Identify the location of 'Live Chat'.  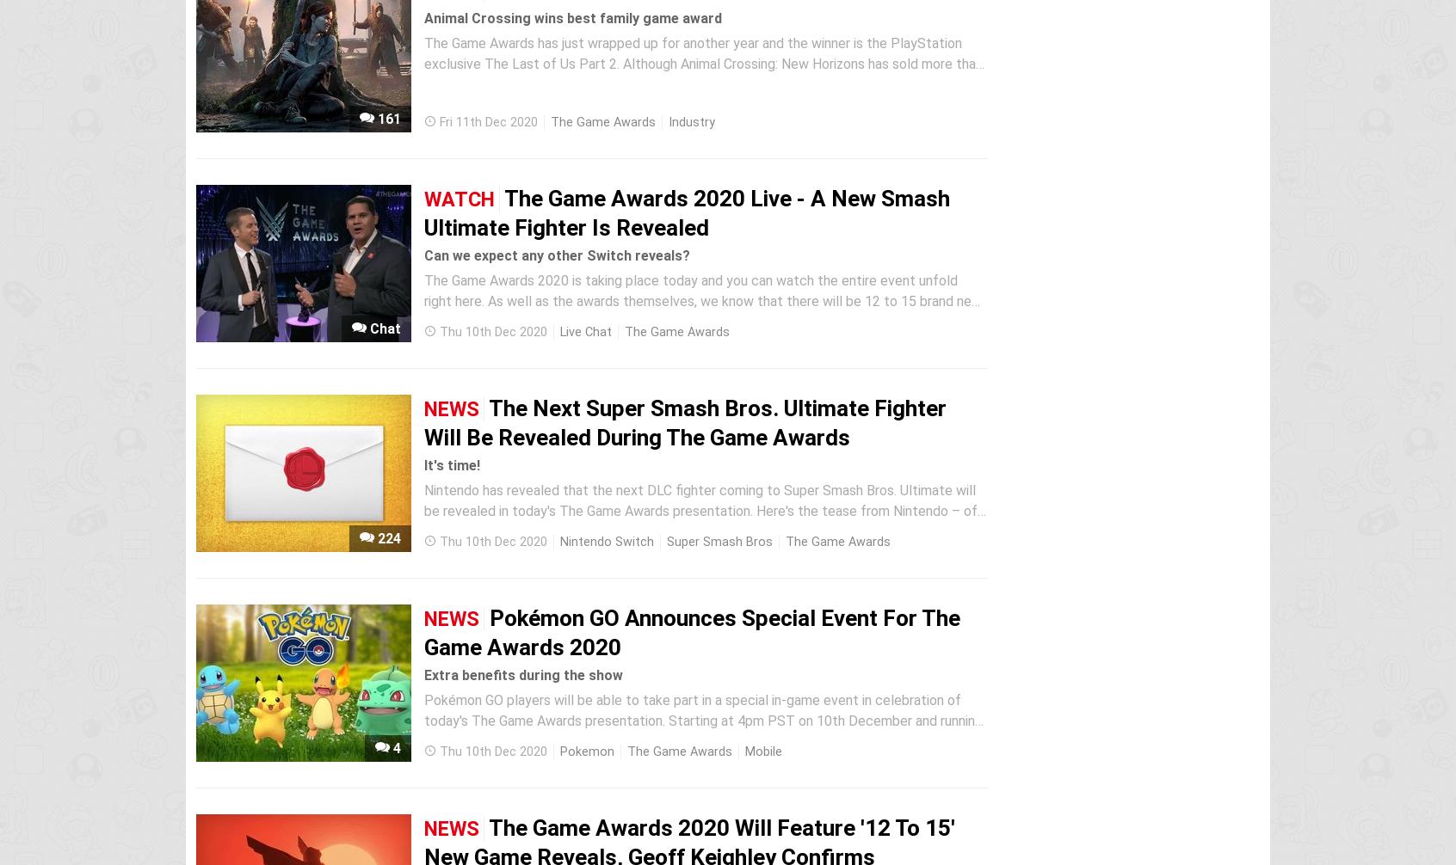
(560, 331).